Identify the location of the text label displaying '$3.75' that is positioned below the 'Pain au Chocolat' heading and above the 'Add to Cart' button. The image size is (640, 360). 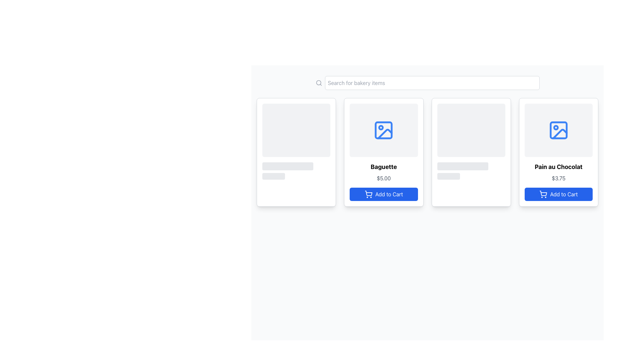
(558, 178).